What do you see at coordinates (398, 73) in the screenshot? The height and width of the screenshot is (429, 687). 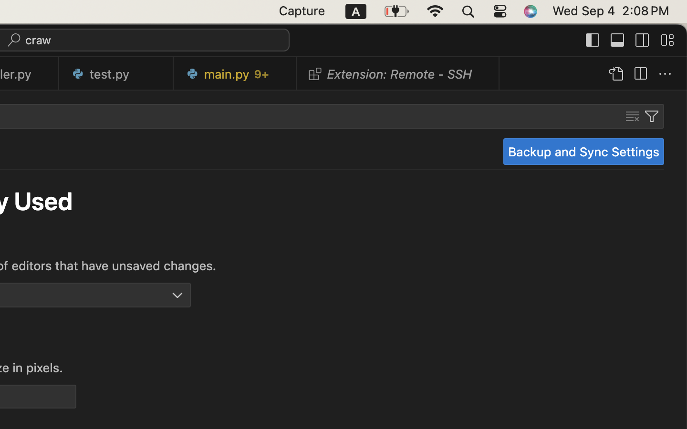 I see `'0 Extension: Remote - SSH  '` at bounding box center [398, 73].